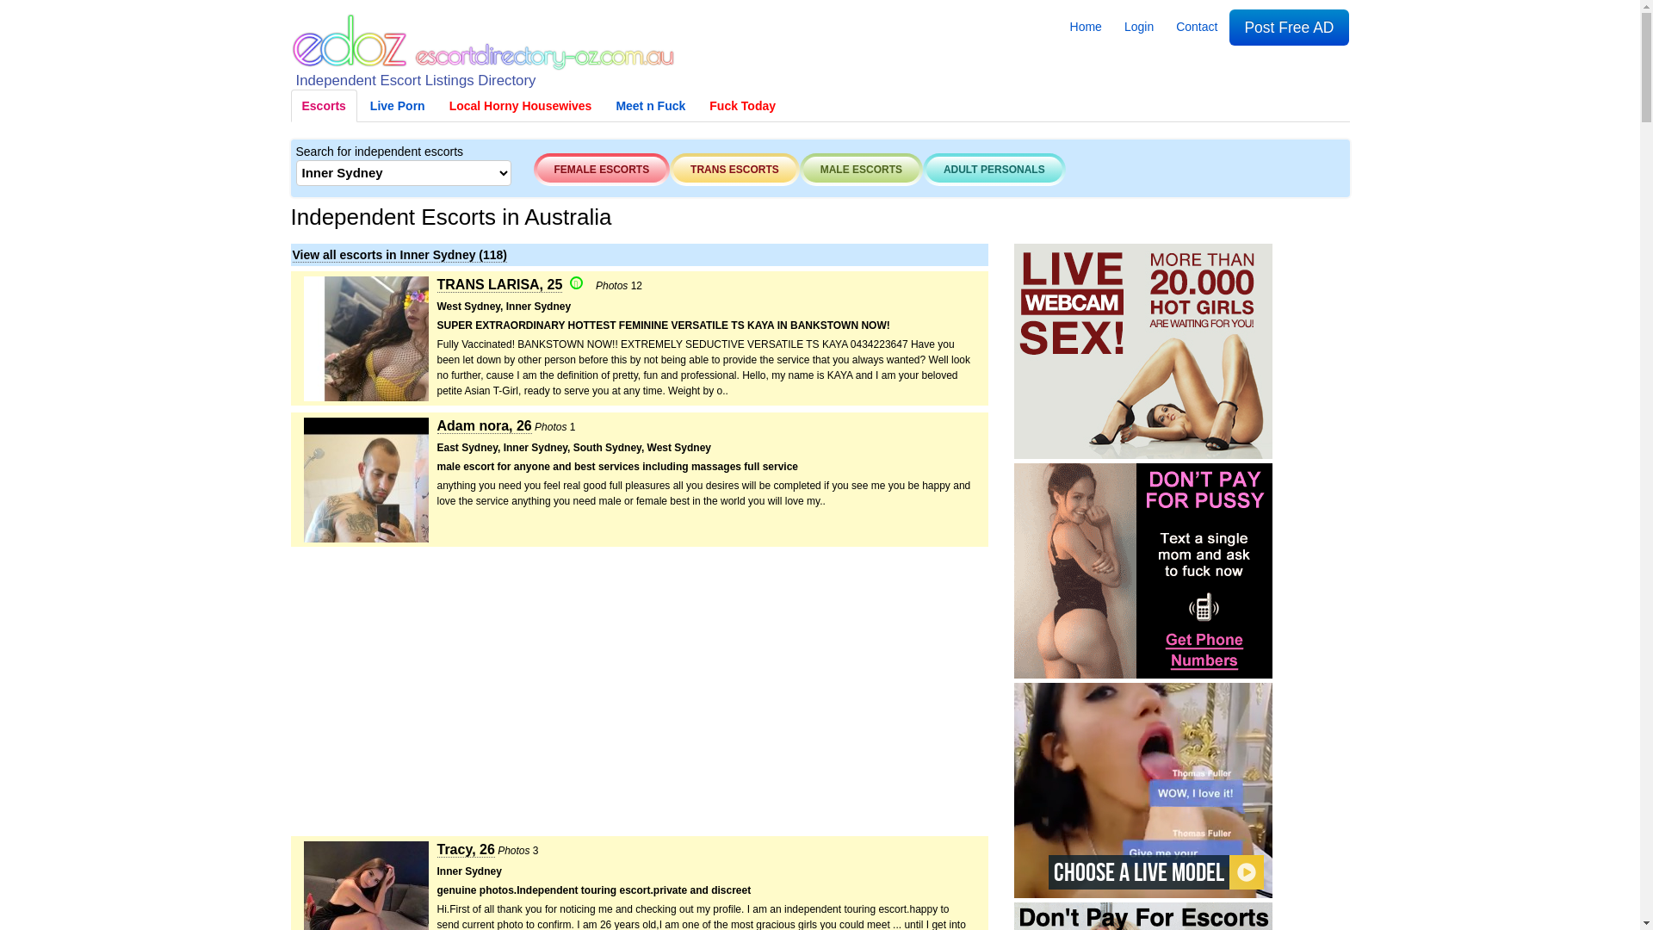 This screenshot has height=930, width=1653. Describe the element at coordinates (604, 106) in the screenshot. I see `'Meet n Fuck'` at that location.